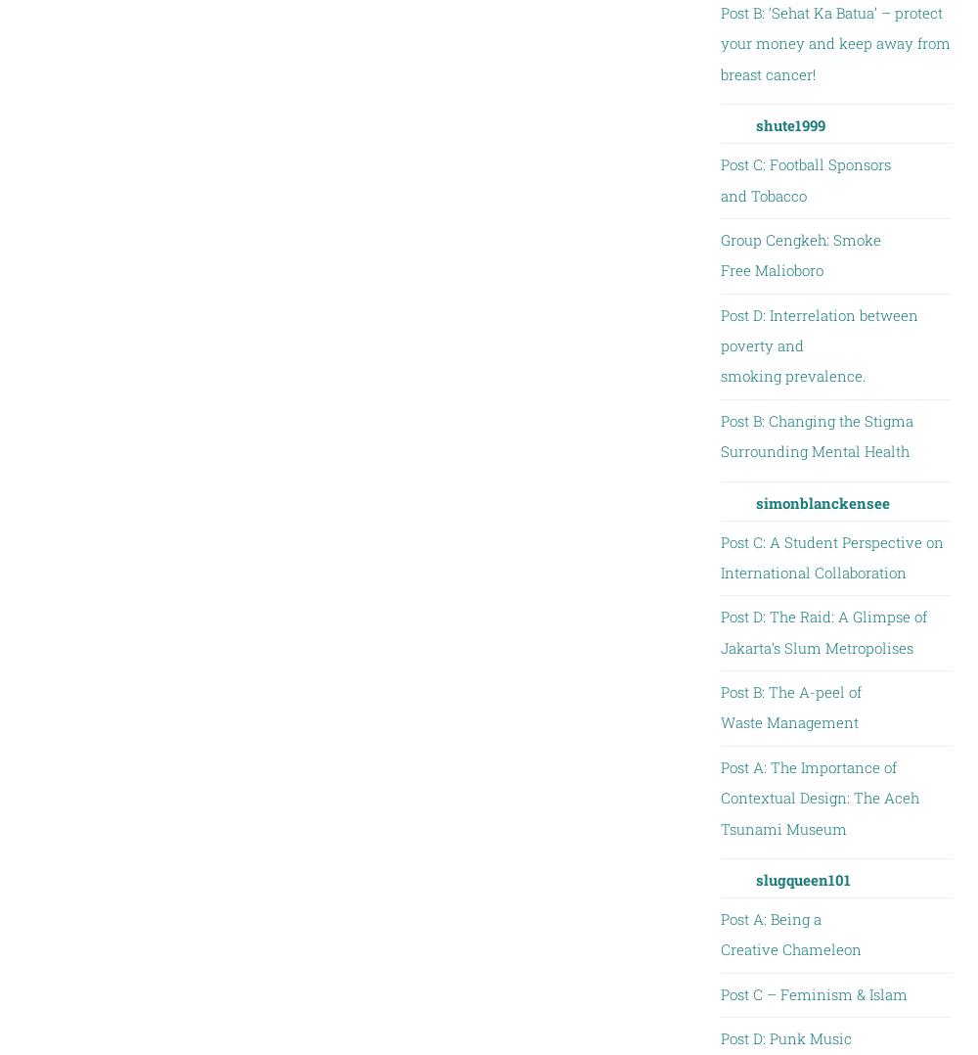 This screenshot has height=1055, width=978. I want to click on 'slugqueen101', so click(801, 878).